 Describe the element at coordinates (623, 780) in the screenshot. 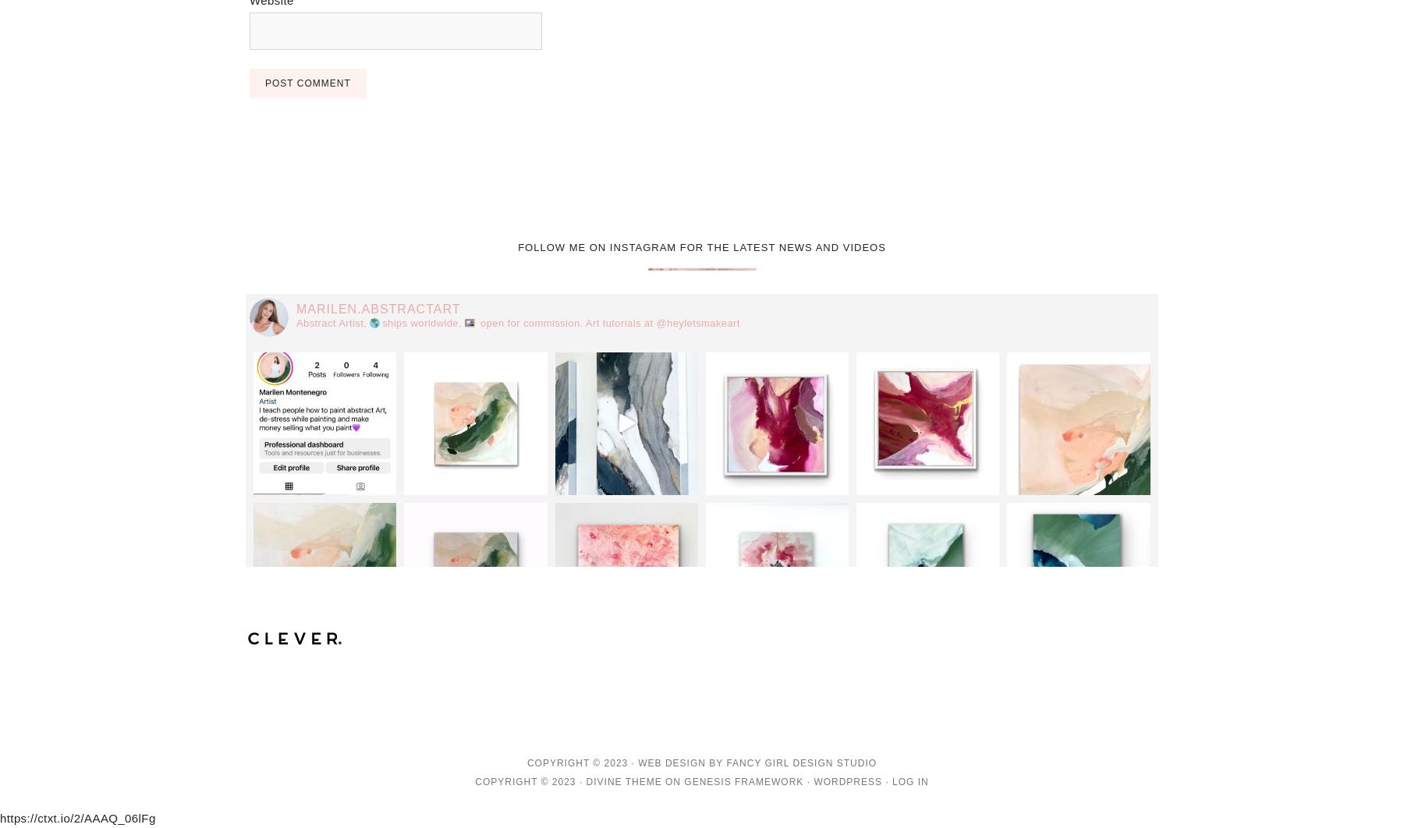

I see `'Divine Theme'` at that location.